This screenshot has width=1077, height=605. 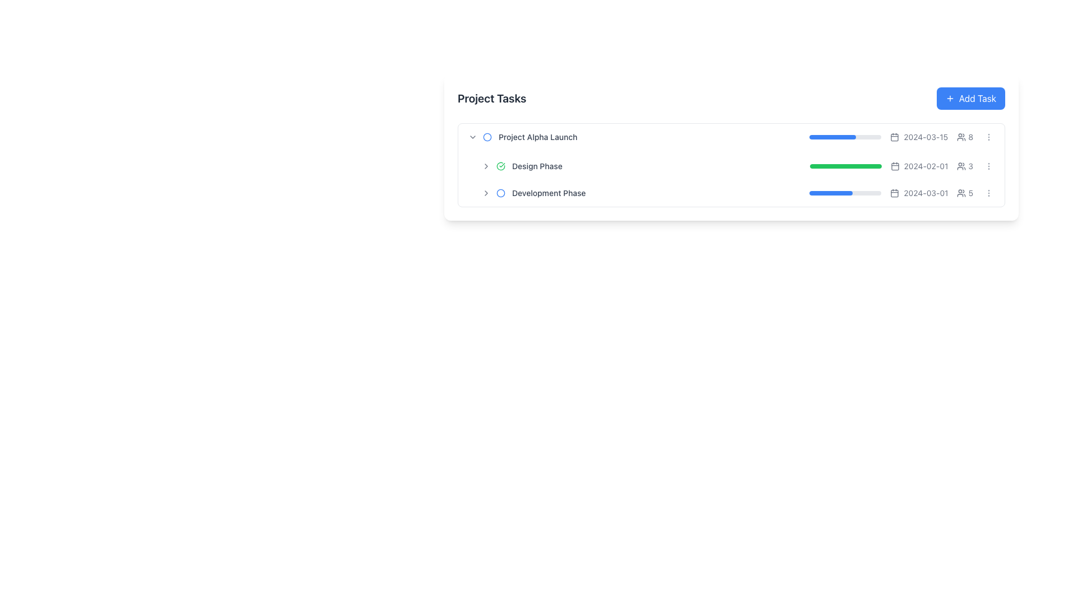 I want to click on the date-related action icon located to the left of the date '2024-03-15' in the first row of the 'Project Tasks' list, so click(x=894, y=137).